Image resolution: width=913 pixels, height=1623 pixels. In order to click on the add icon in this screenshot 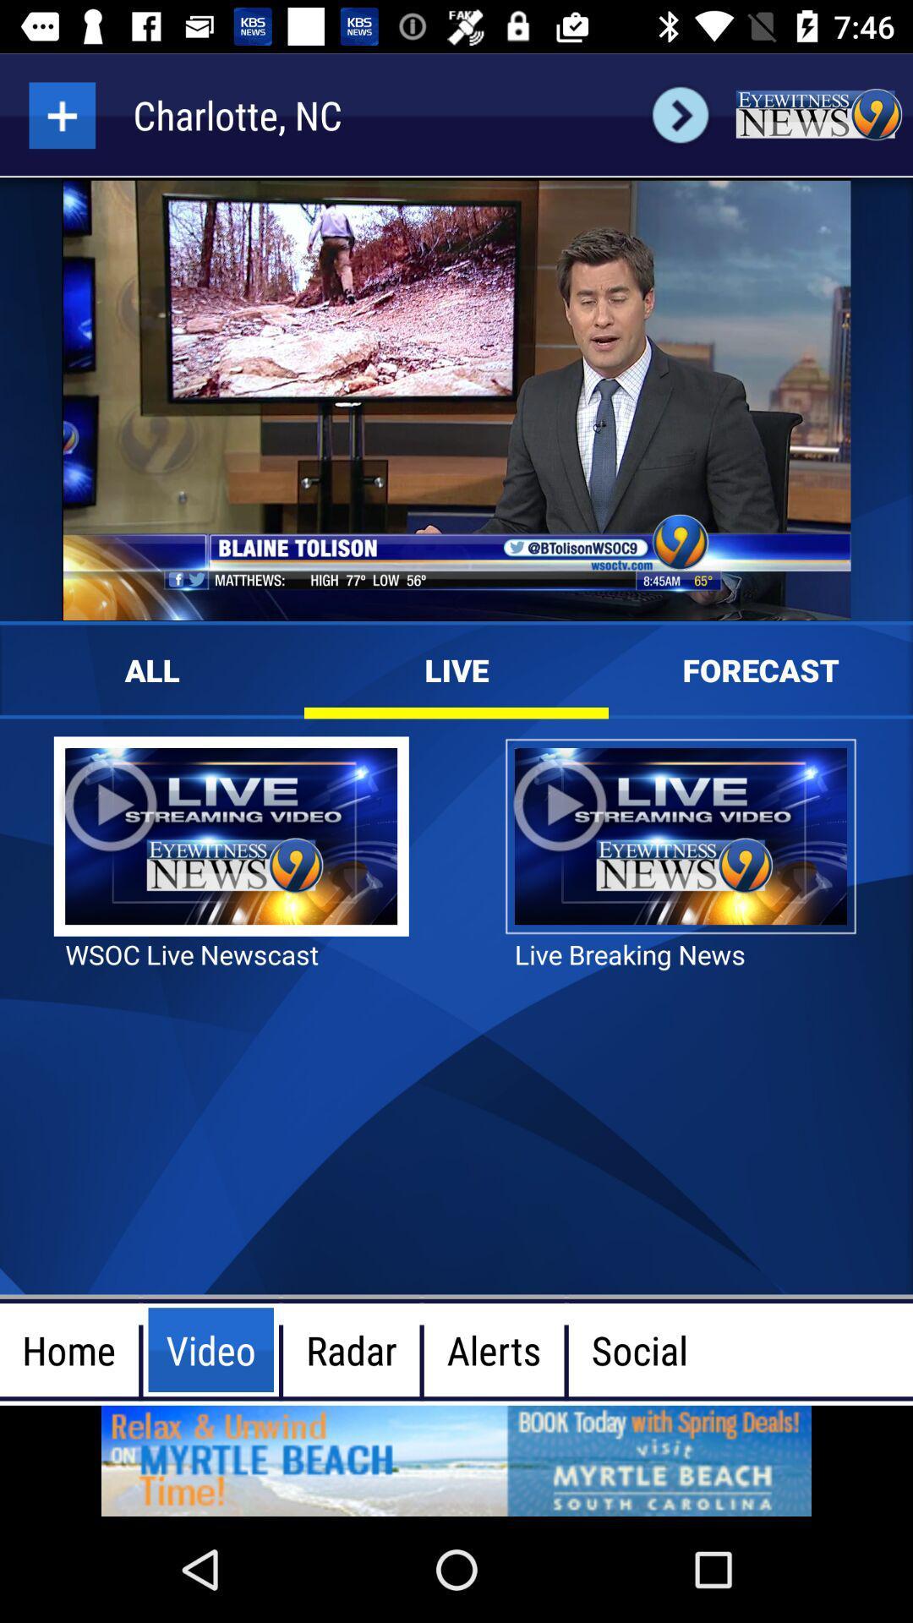, I will do `click(61, 114)`.